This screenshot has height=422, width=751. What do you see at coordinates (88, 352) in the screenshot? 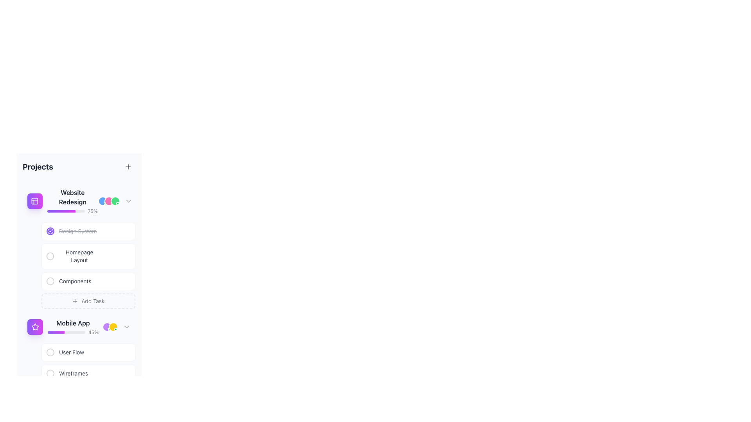
I see `the selectable task item labeled 'User Flow' in the project management list` at bounding box center [88, 352].